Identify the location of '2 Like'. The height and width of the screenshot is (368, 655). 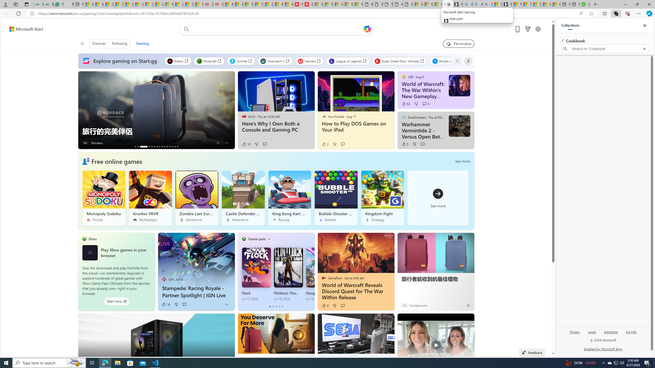
(325, 144).